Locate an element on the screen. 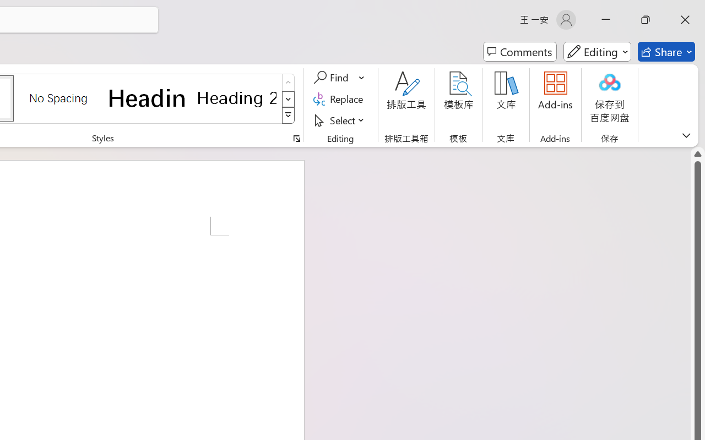  'Styles' is located at coordinates (288, 116).